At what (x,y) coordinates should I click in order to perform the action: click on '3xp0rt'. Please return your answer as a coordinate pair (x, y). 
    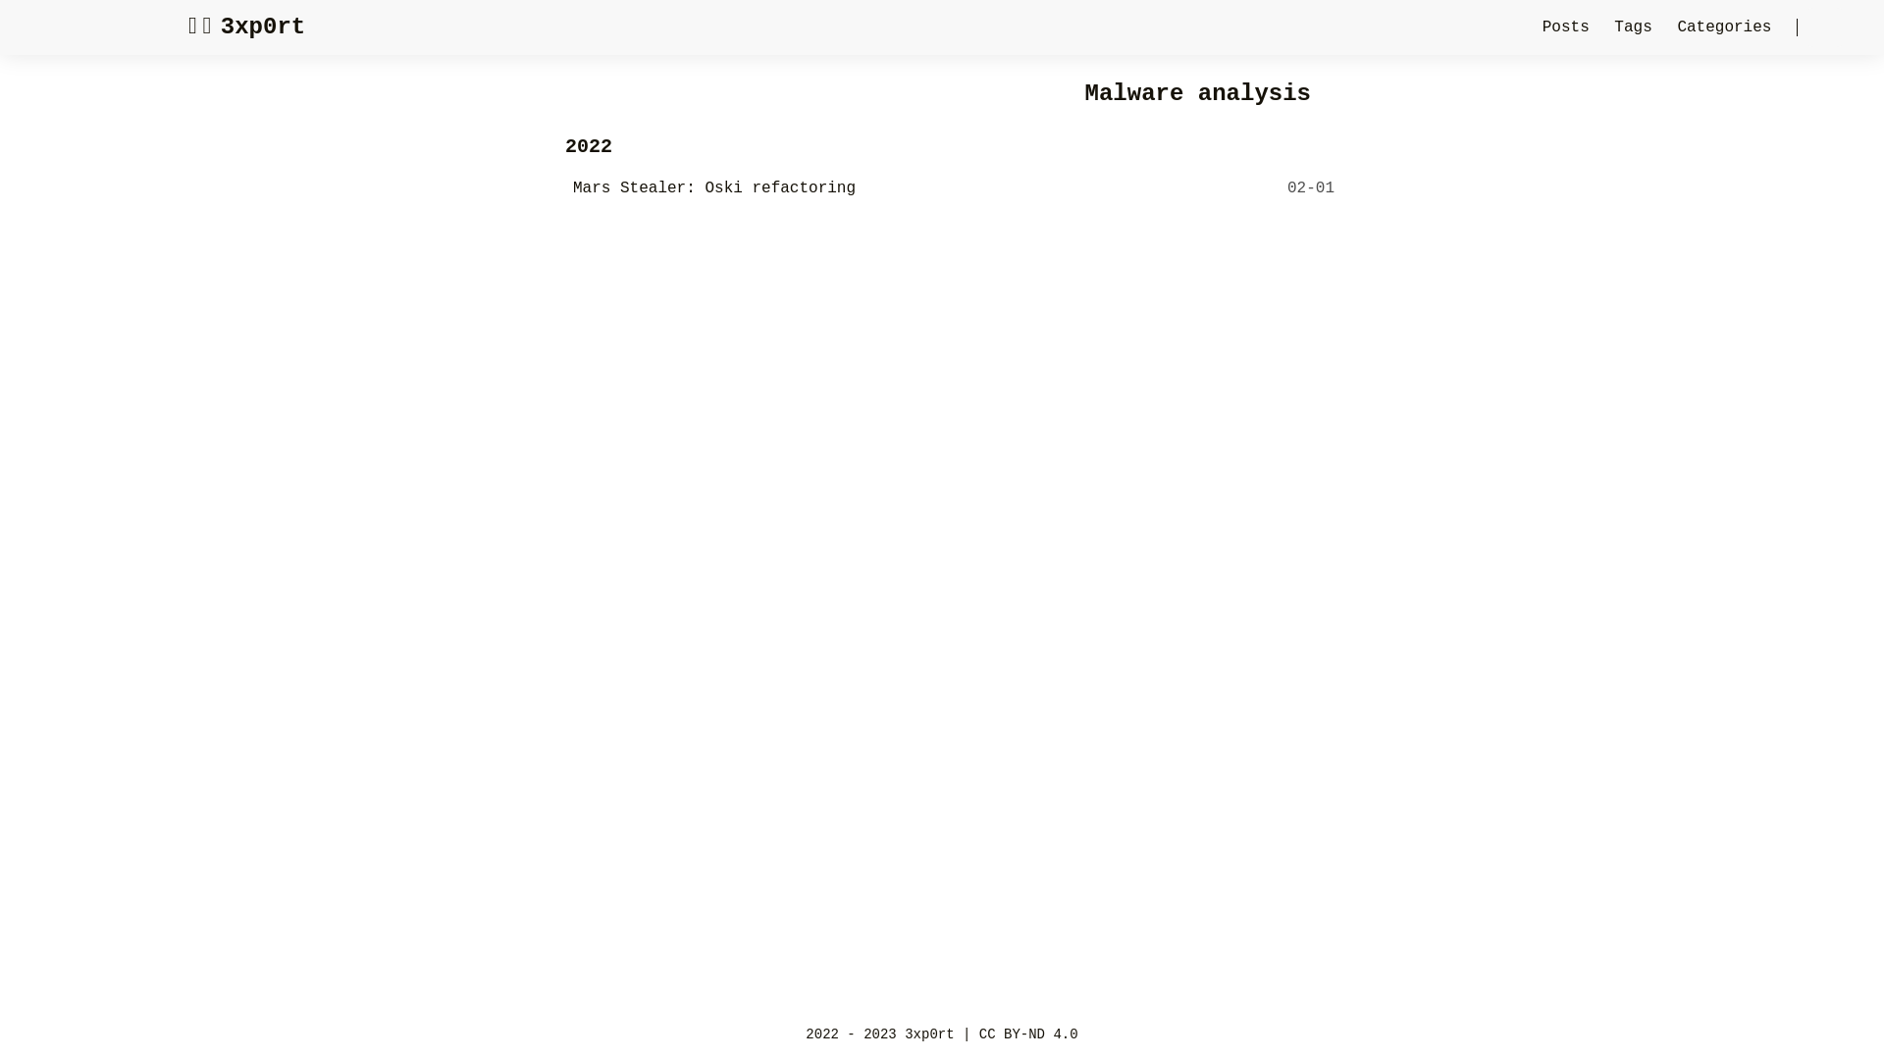
    Looking at the image, I should click on (927, 1033).